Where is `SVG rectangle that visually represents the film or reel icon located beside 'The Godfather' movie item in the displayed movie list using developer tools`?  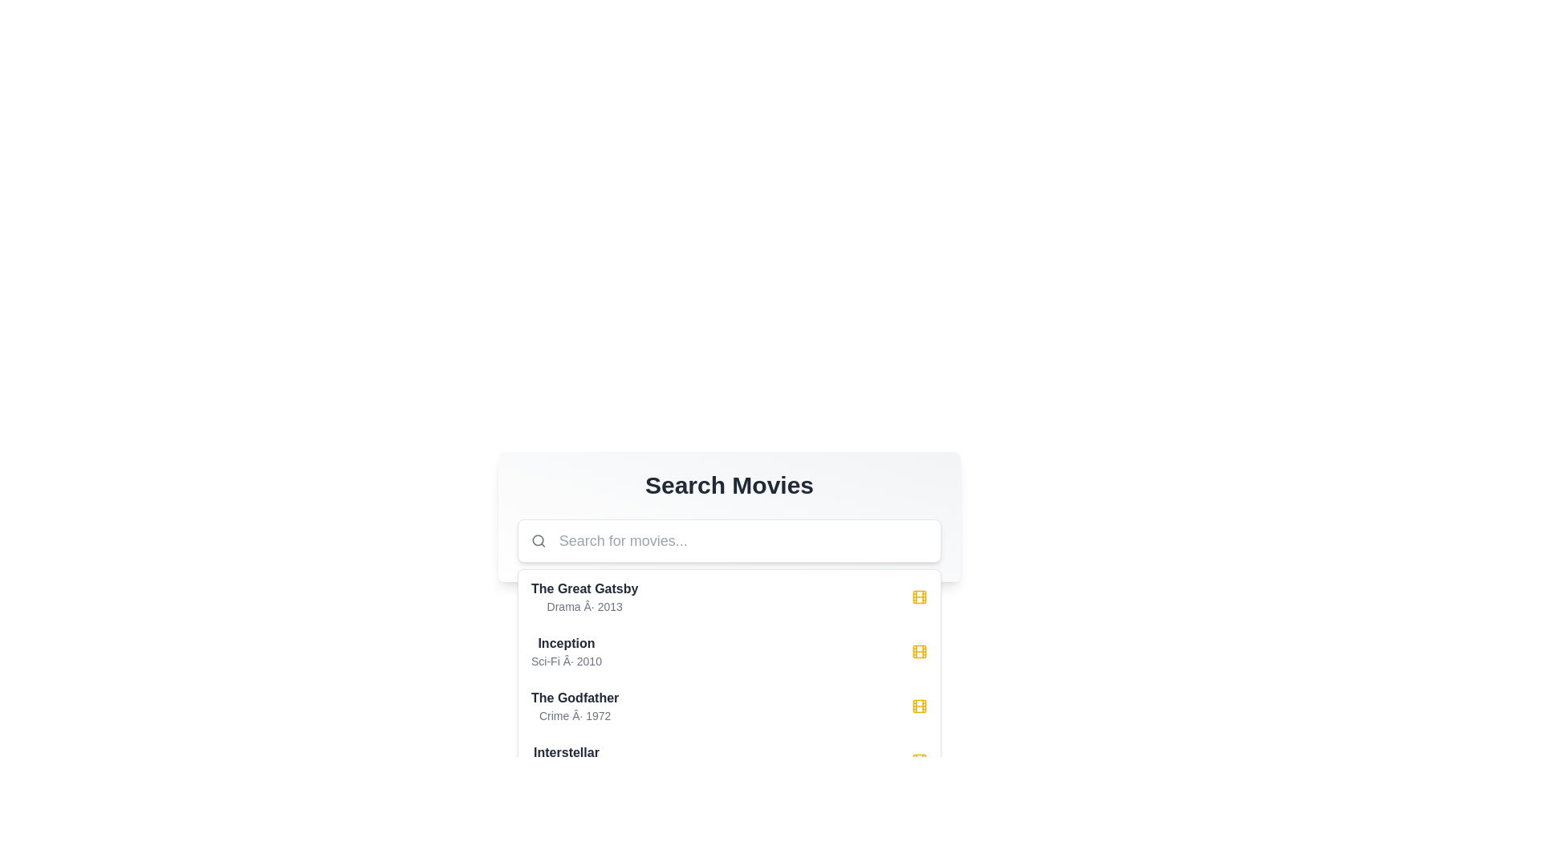 SVG rectangle that visually represents the film or reel icon located beside 'The Godfather' movie item in the displayed movie list using developer tools is located at coordinates (920, 705).